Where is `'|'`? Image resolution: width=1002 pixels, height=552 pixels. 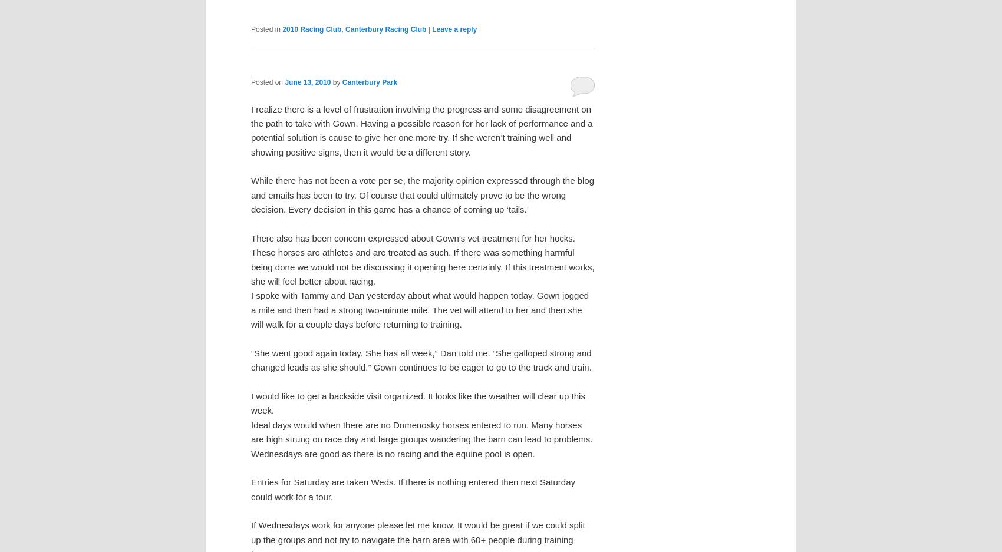
'|' is located at coordinates (428, 29).